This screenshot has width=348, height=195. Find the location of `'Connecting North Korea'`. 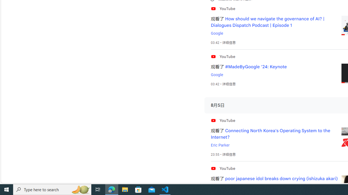

'Connecting North Korea' is located at coordinates (270, 134).